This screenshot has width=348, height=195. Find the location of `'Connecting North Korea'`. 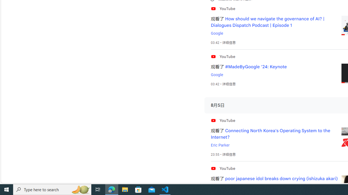

'Connecting North Korea' is located at coordinates (270, 134).